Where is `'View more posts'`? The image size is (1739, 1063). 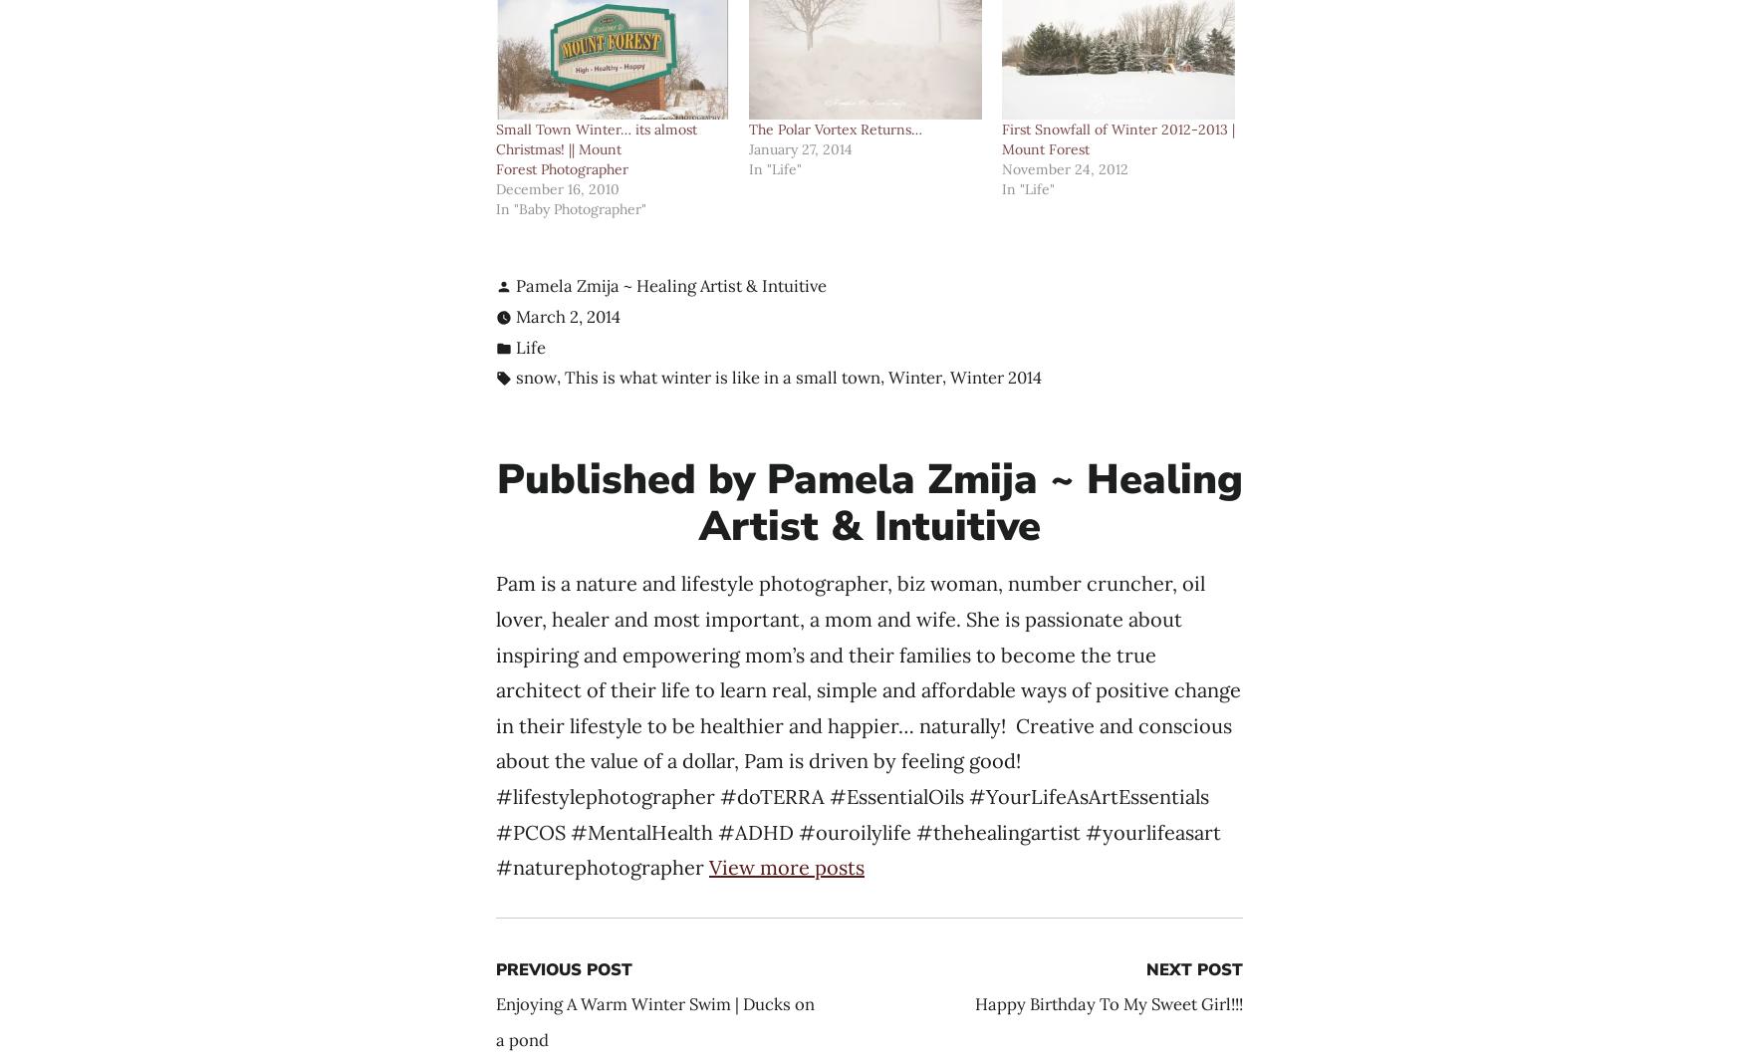
'View more posts' is located at coordinates (787, 866).